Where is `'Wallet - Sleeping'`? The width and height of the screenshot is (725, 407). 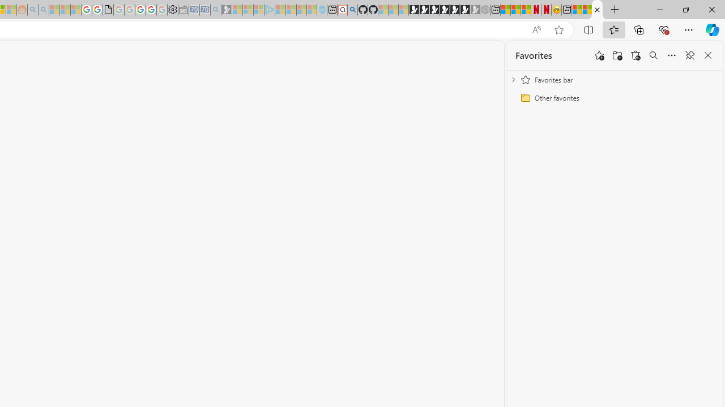 'Wallet - Sleeping' is located at coordinates (183, 10).